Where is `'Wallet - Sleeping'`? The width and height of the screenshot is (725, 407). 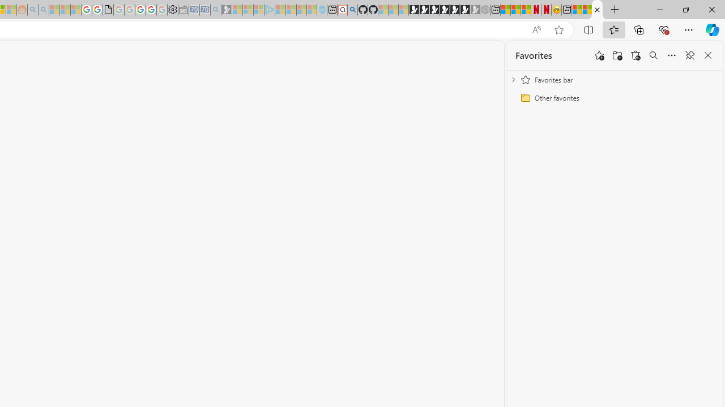 'Wallet - Sleeping' is located at coordinates (183, 10).